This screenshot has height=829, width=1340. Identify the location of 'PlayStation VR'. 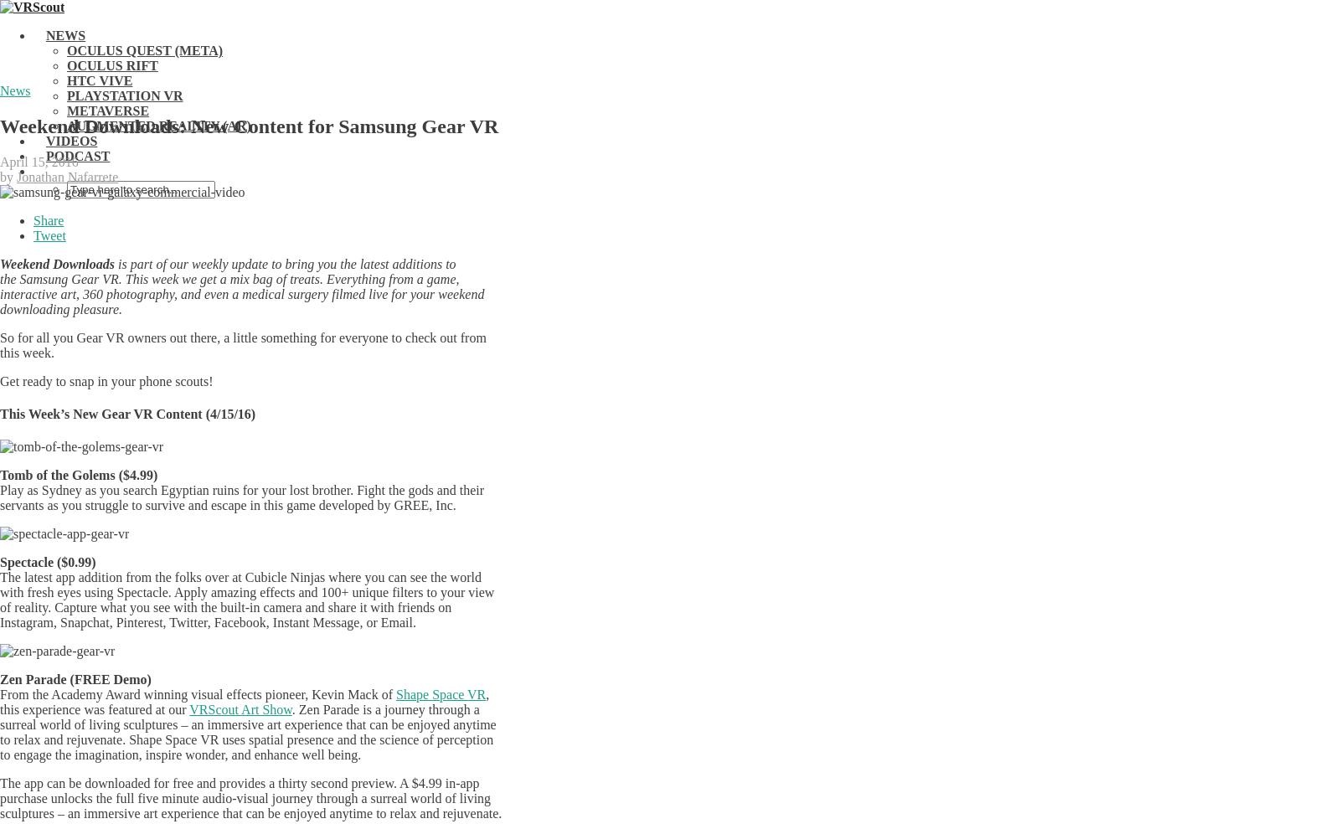
(123, 95).